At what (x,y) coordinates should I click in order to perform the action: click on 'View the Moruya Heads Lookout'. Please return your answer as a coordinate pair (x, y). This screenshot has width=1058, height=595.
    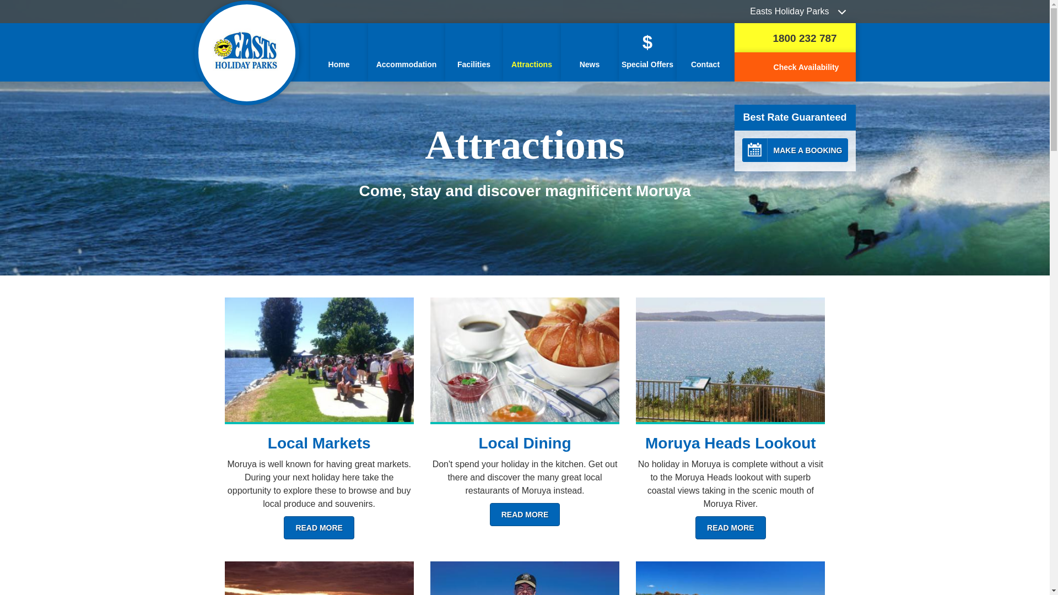
    Looking at the image, I should click on (730, 361).